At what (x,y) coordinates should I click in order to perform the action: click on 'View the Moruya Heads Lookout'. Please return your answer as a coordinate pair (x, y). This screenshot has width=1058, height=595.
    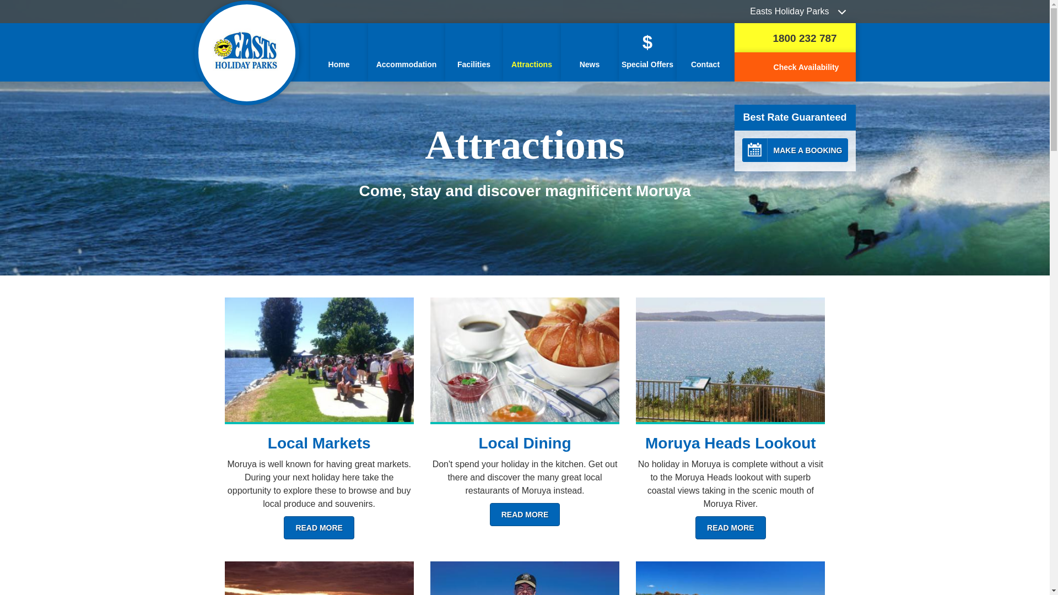
    Looking at the image, I should click on (730, 361).